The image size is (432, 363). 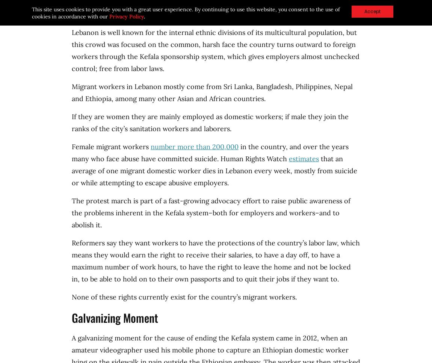 What do you see at coordinates (223, 86) in the screenshot?
I see `'Sri Lanka'` at bounding box center [223, 86].